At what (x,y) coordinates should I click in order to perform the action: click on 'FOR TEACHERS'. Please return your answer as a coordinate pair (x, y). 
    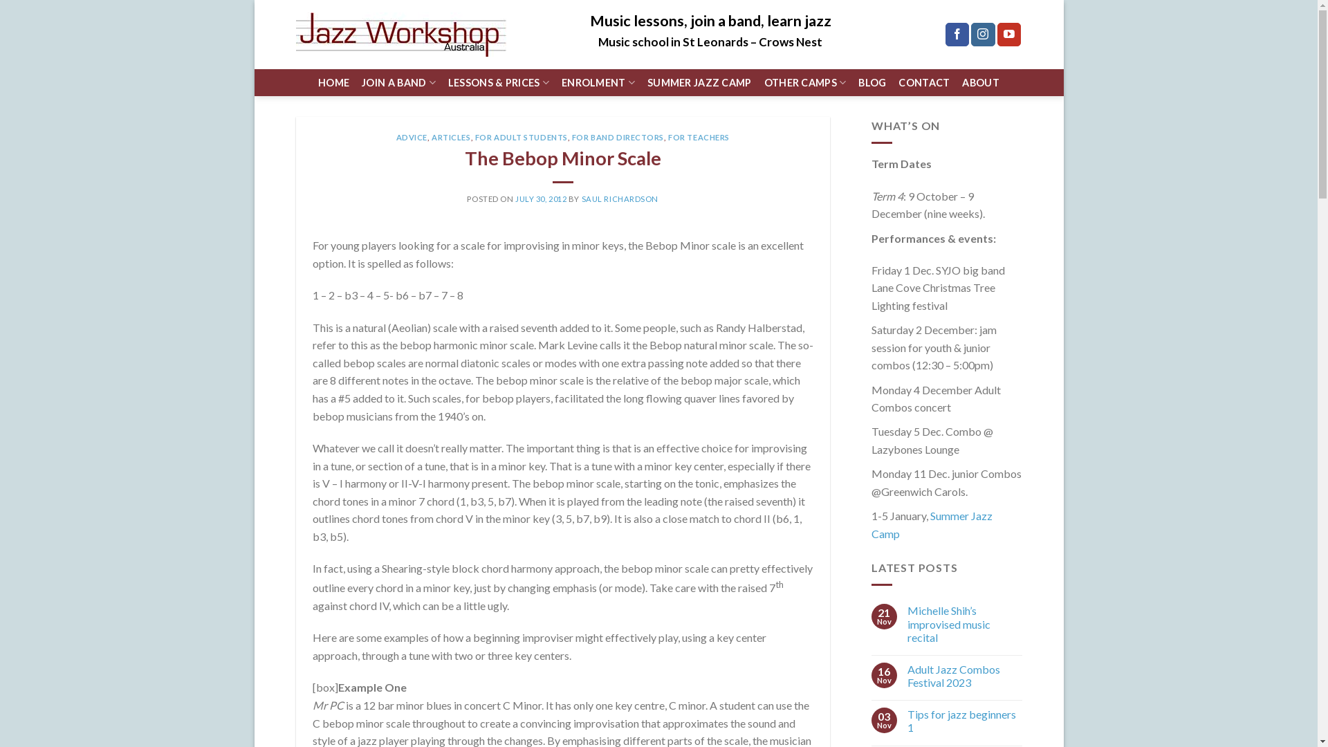
    Looking at the image, I should click on (699, 137).